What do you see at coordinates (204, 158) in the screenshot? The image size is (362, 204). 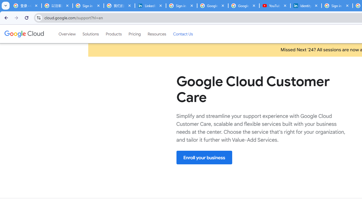 I see `'Enroll your business'` at bounding box center [204, 158].